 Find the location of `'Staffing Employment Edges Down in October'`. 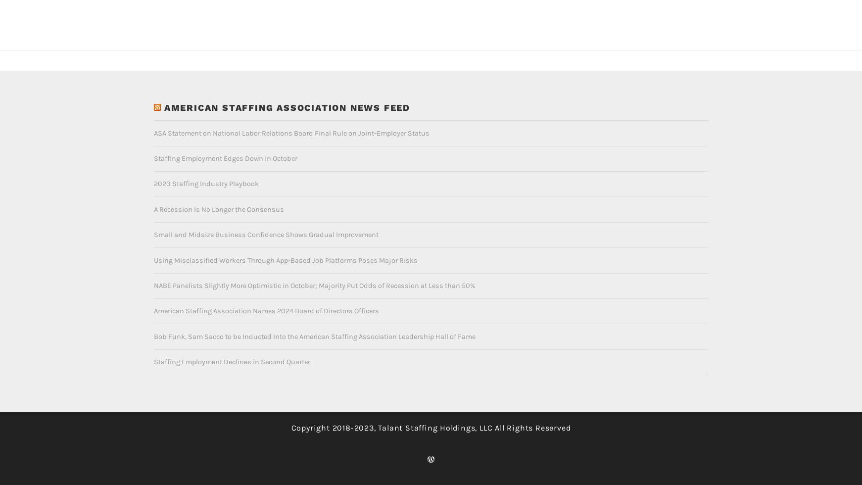

'Staffing Employment Edges Down in October' is located at coordinates (153, 142).